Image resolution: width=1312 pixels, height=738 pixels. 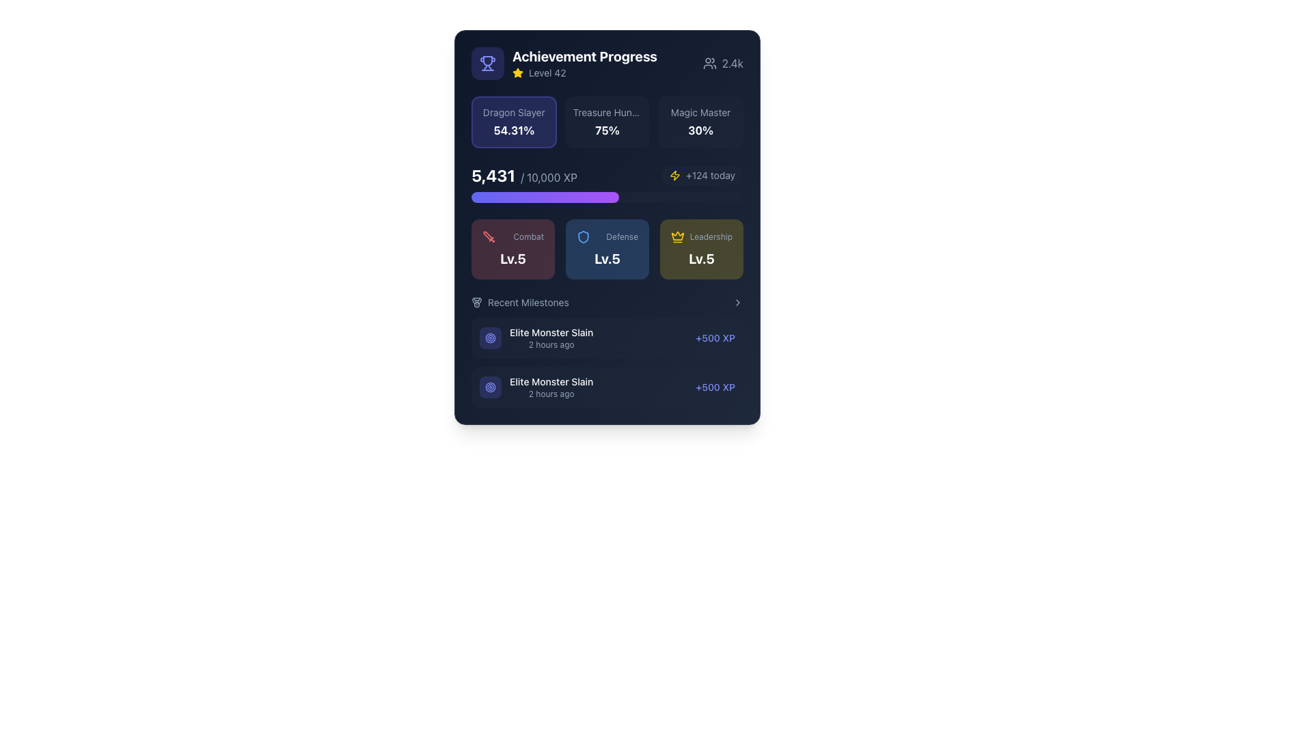 I want to click on the header text label related to achievement tracking, positioned above the text 'Level 42', so click(x=584, y=56).